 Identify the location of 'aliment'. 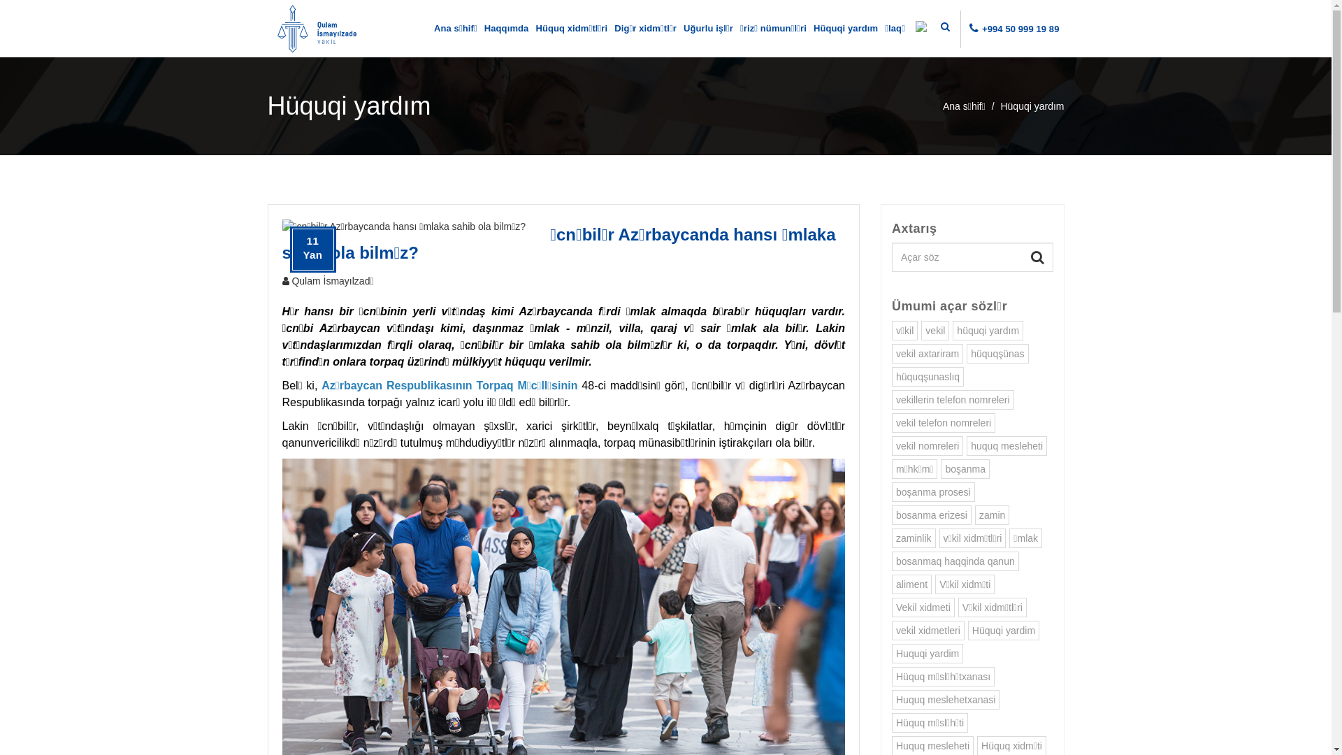
(911, 584).